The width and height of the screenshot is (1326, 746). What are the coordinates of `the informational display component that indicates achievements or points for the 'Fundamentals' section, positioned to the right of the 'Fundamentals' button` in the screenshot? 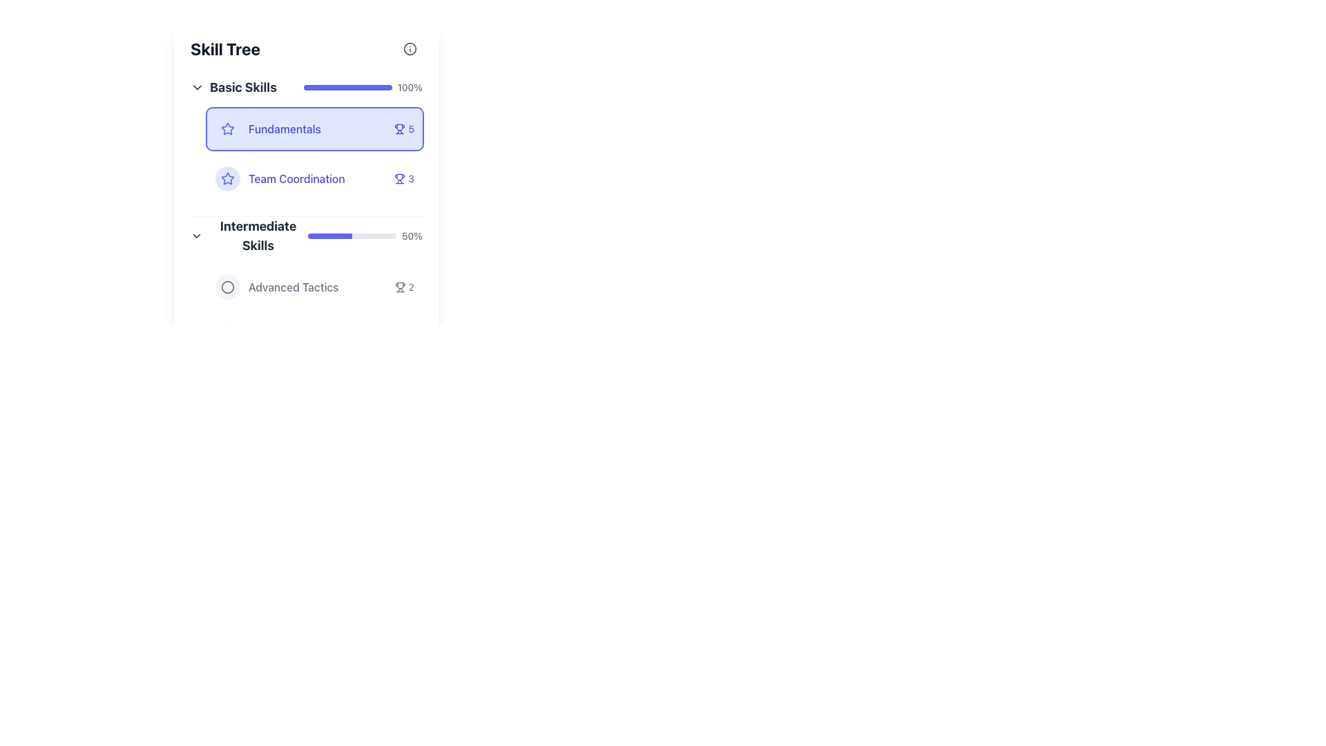 It's located at (403, 128).